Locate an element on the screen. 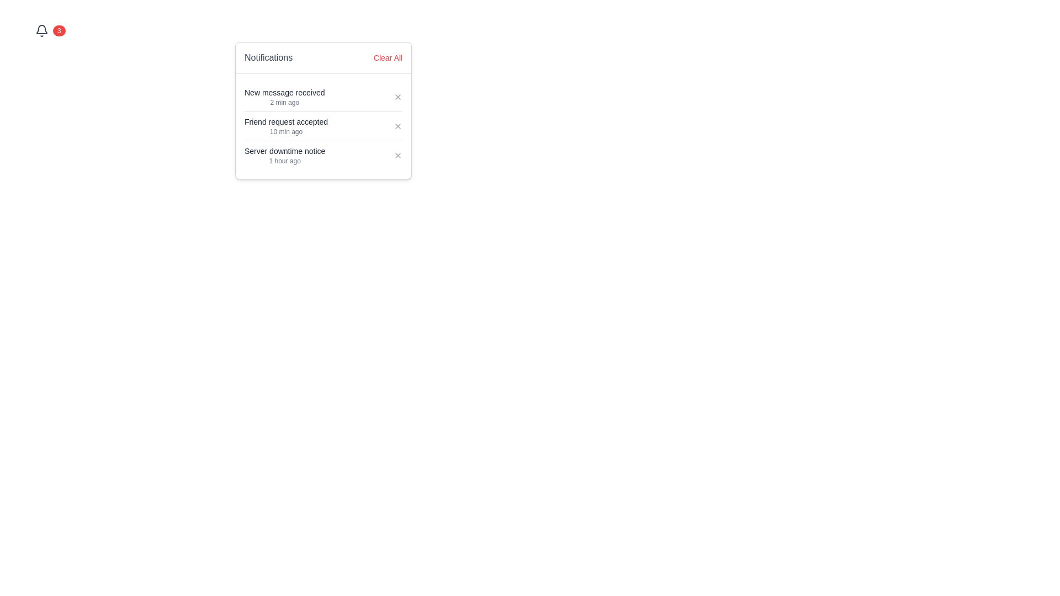  the notification about a friend request being accepted, which is the second notification in the vertical list within the notification panel is located at coordinates (322, 125).